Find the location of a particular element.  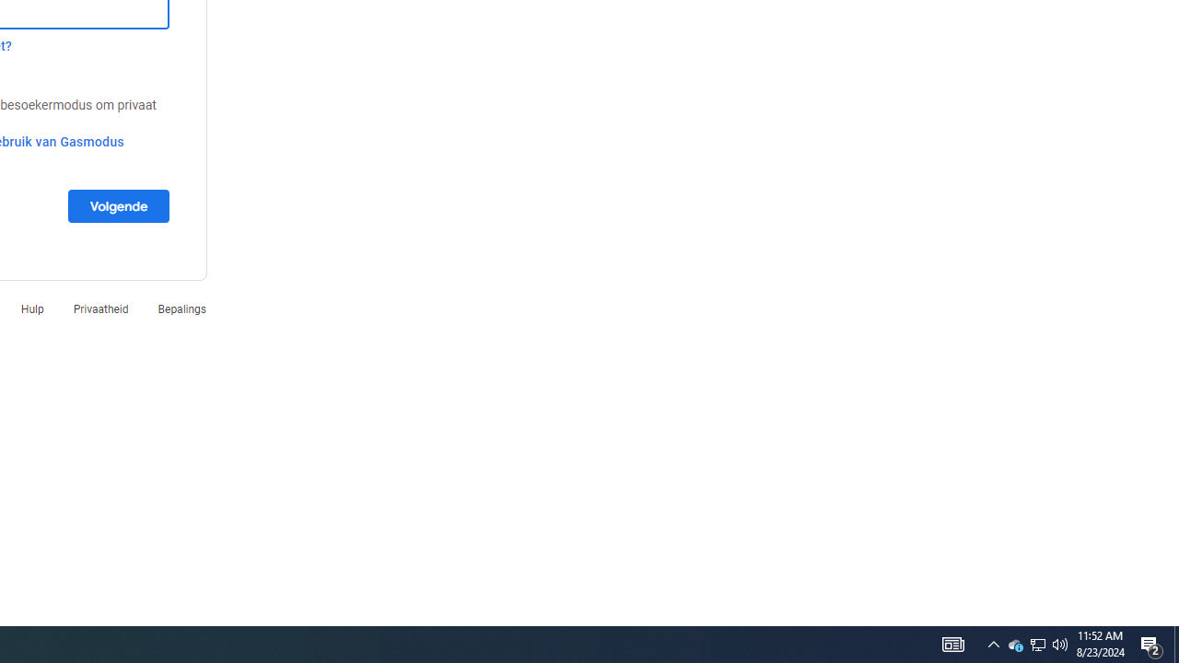

'Privaatheid' is located at coordinates (99, 308).